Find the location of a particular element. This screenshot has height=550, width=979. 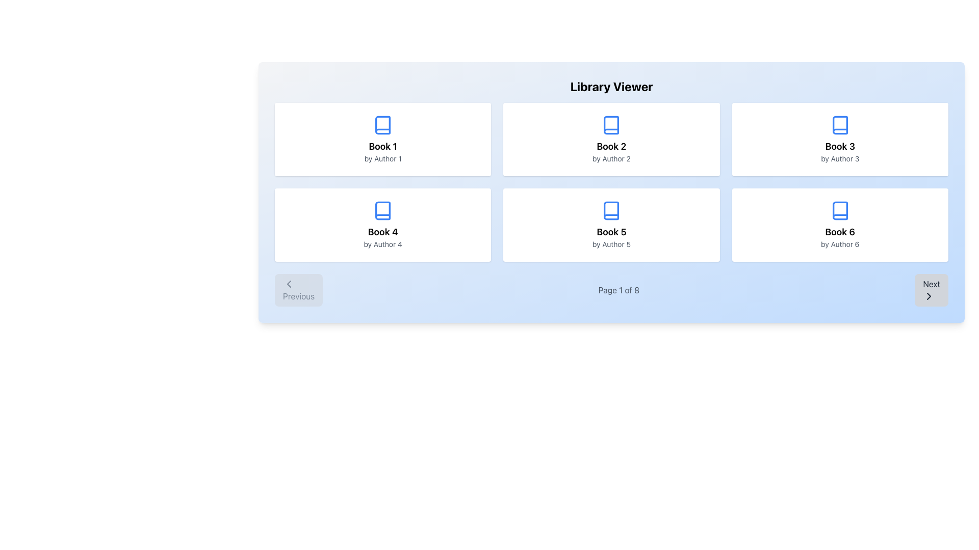

the compact blue book icon located above the text 'Book 4' in the card labeled 'Book 4 by Author 4.' is located at coordinates (382, 210).